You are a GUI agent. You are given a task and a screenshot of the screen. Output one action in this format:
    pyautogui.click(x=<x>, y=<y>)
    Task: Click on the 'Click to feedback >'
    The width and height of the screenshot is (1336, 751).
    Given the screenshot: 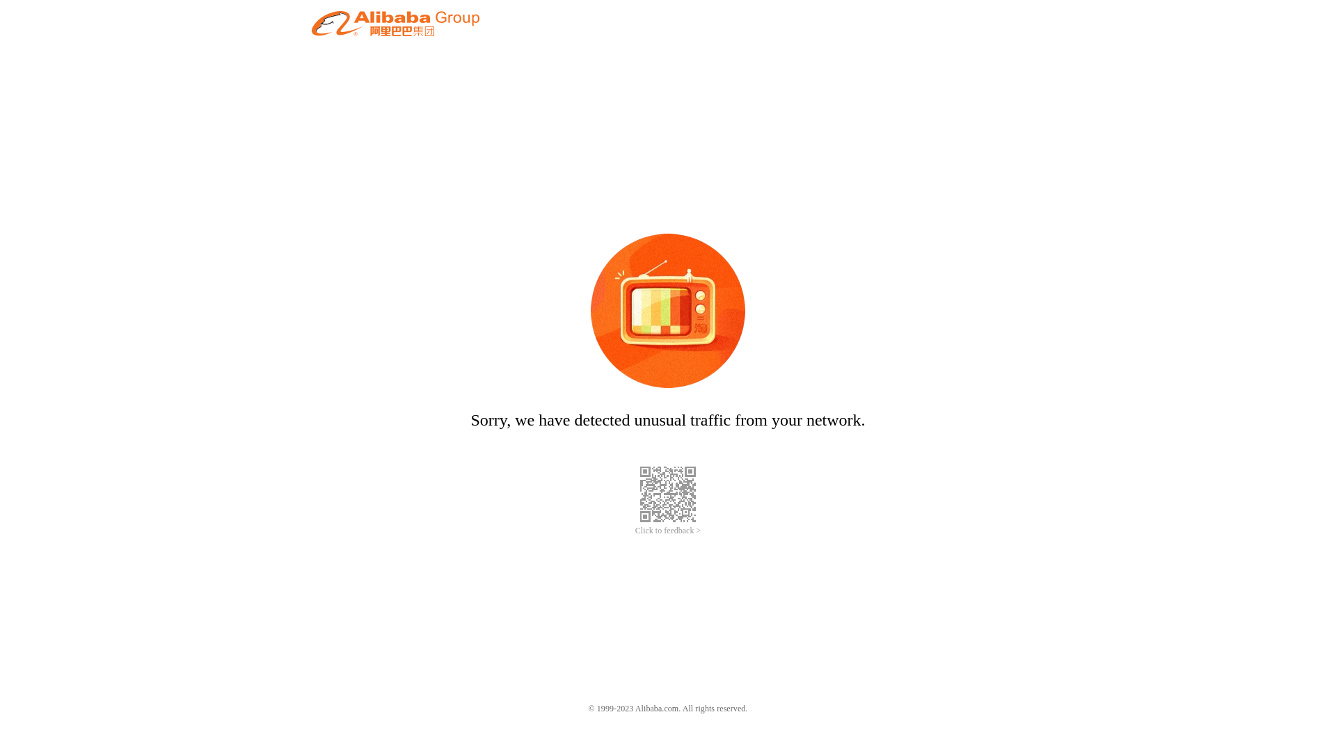 What is the action you would take?
    pyautogui.click(x=668, y=531)
    